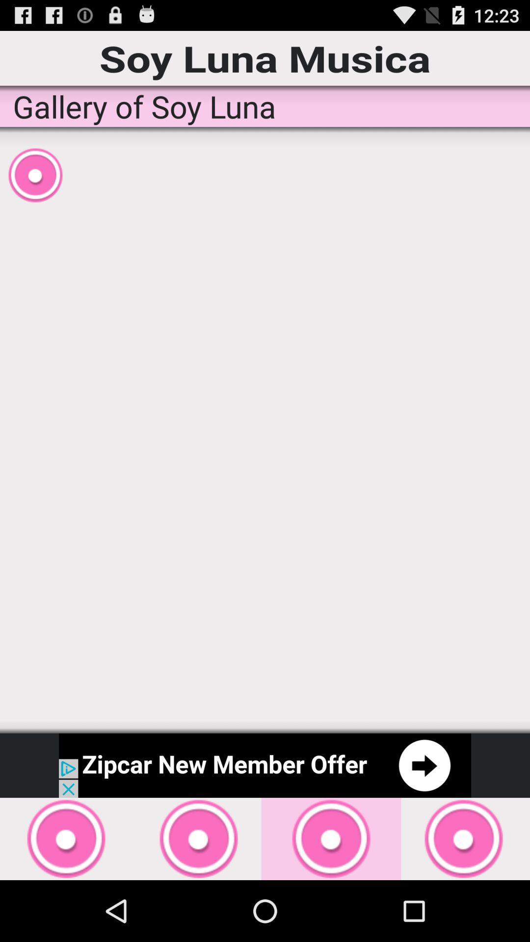 The height and width of the screenshot is (942, 530). What do you see at coordinates (265, 765) in the screenshot?
I see `advertisement banner` at bounding box center [265, 765].